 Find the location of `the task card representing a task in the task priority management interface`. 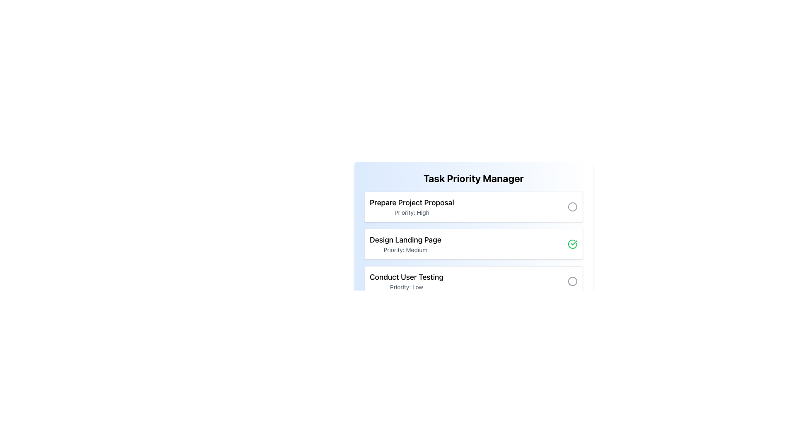

the task card representing a task in the task priority management interface is located at coordinates (473, 207).